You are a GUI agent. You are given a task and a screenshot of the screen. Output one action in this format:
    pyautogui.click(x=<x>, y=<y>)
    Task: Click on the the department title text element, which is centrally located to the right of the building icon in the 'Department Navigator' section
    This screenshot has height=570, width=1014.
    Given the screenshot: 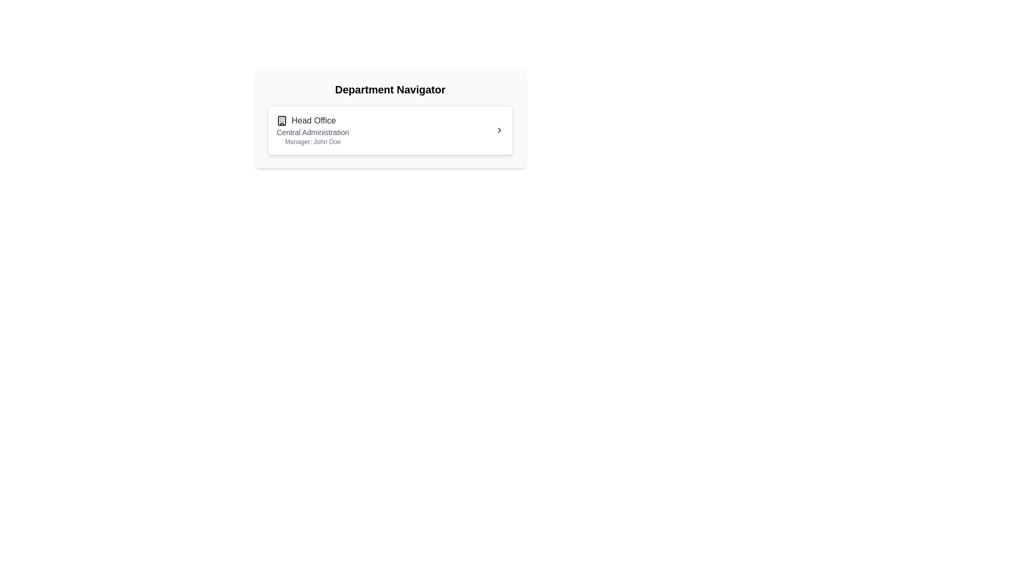 What is the action you would take?
    pyautogui.click(x=313, y=120)
    